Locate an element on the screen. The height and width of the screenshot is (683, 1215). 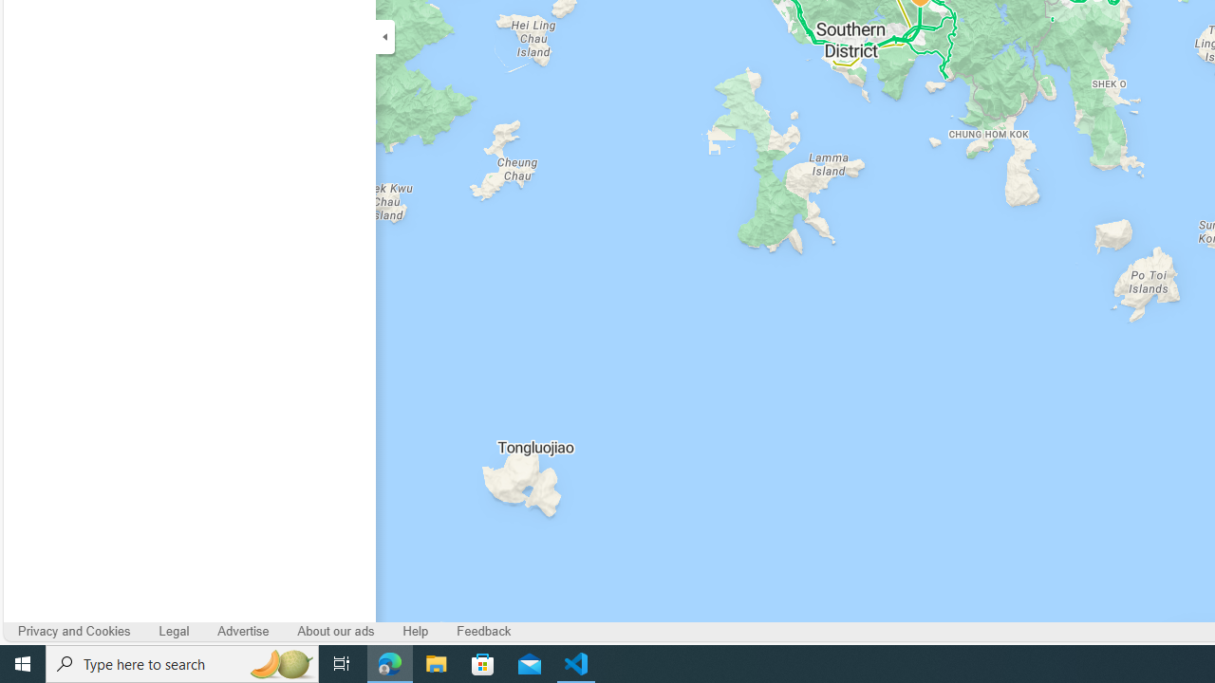
'Privacy and Cookies' is located at coordinates (74, 632).